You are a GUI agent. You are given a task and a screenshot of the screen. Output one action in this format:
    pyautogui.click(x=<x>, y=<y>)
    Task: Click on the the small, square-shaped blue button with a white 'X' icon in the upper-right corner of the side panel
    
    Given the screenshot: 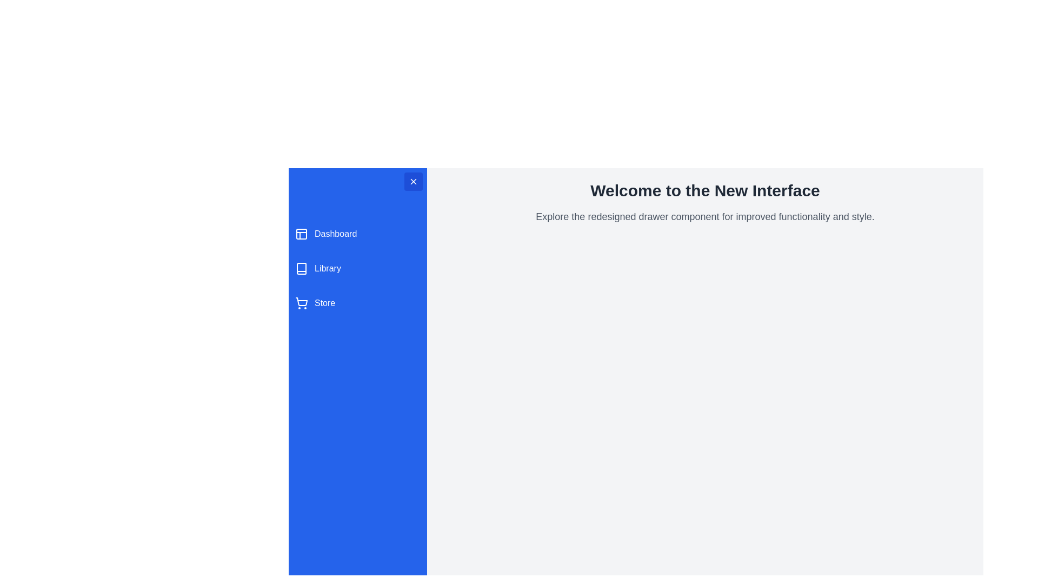 What is the action you would take?
    pyautogui.click(x=412, y=181)
    